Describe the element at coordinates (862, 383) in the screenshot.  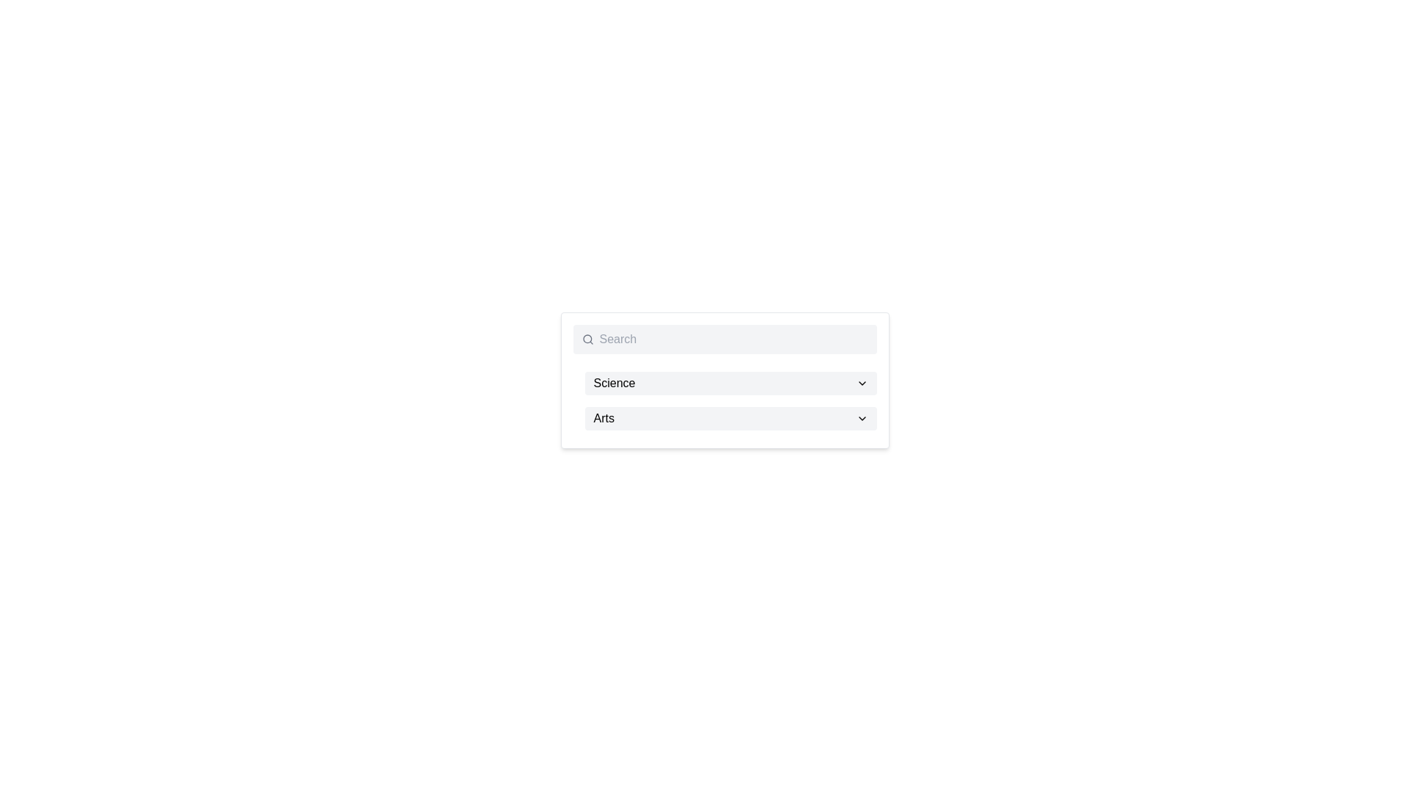
I see `the downward-pointing chevron icon located to the right of the 'Science' text` at that location.